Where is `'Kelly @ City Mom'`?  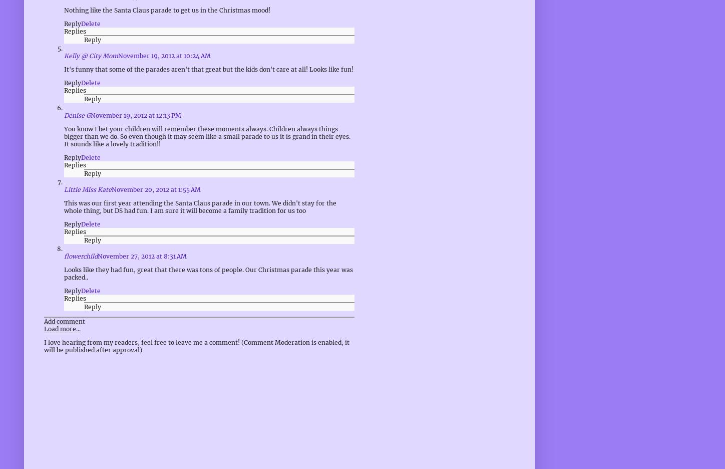 'Kelly @ City Mom' is located at coordinates (91, 55).